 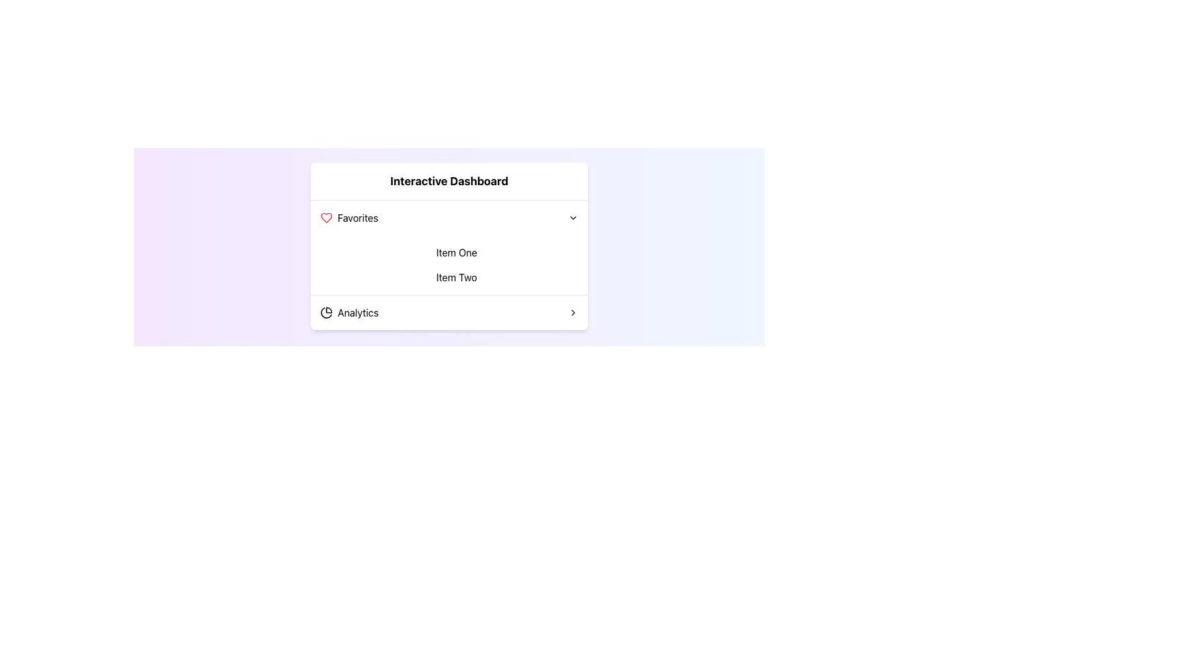 What do you see at coordinates (357, 312) in the screenshot?
I see `'Analytics' text label located at the bottom part of the panel, which provides a descriptive label for the associated function or feature` at bounding box center [357, 312].